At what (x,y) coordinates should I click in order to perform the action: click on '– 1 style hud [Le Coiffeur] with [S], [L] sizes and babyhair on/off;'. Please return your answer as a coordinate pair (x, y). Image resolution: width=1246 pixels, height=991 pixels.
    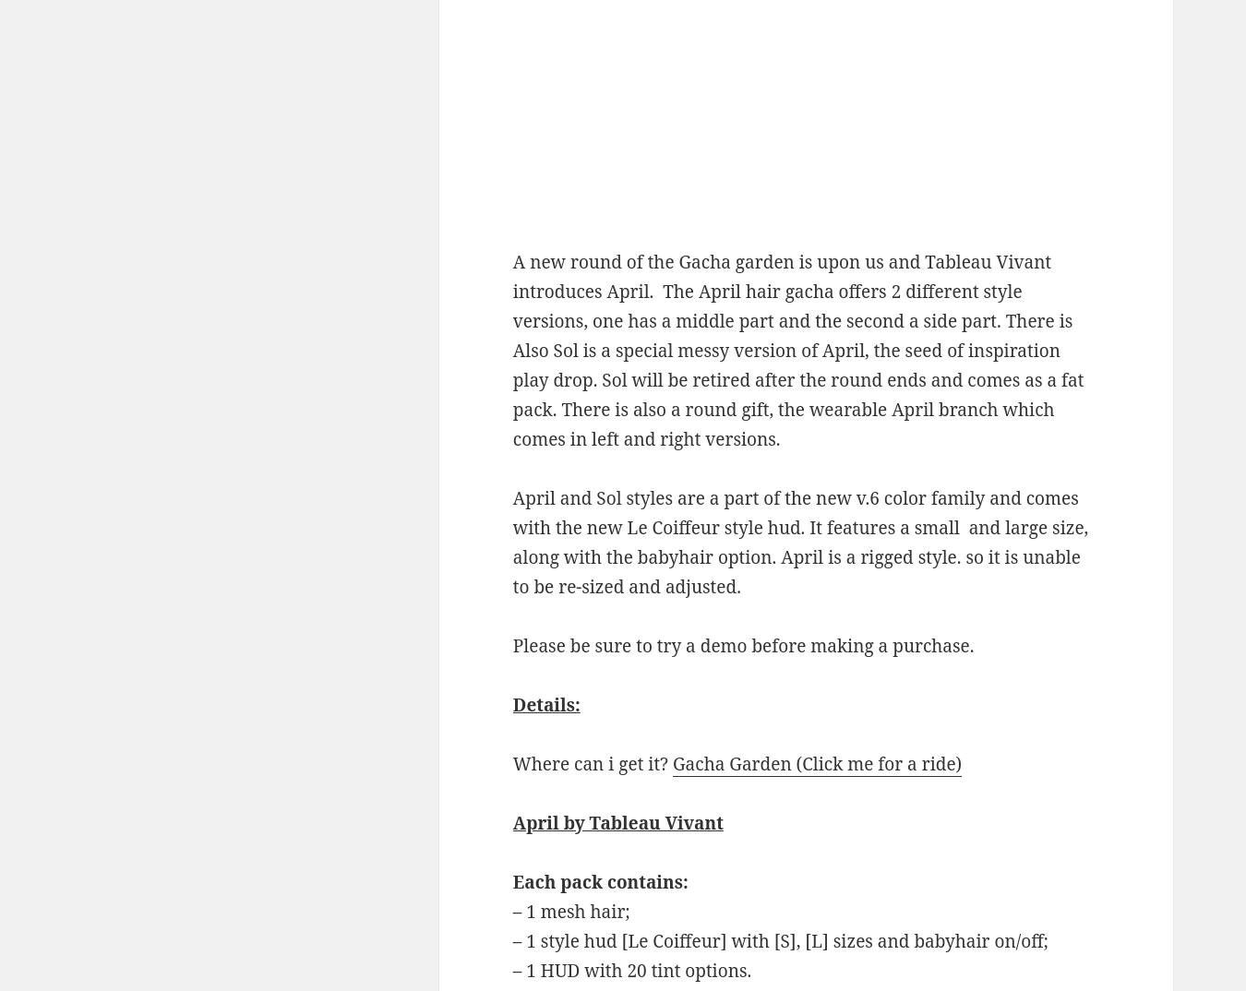
    Looking at the image, I should click on (780, 939).